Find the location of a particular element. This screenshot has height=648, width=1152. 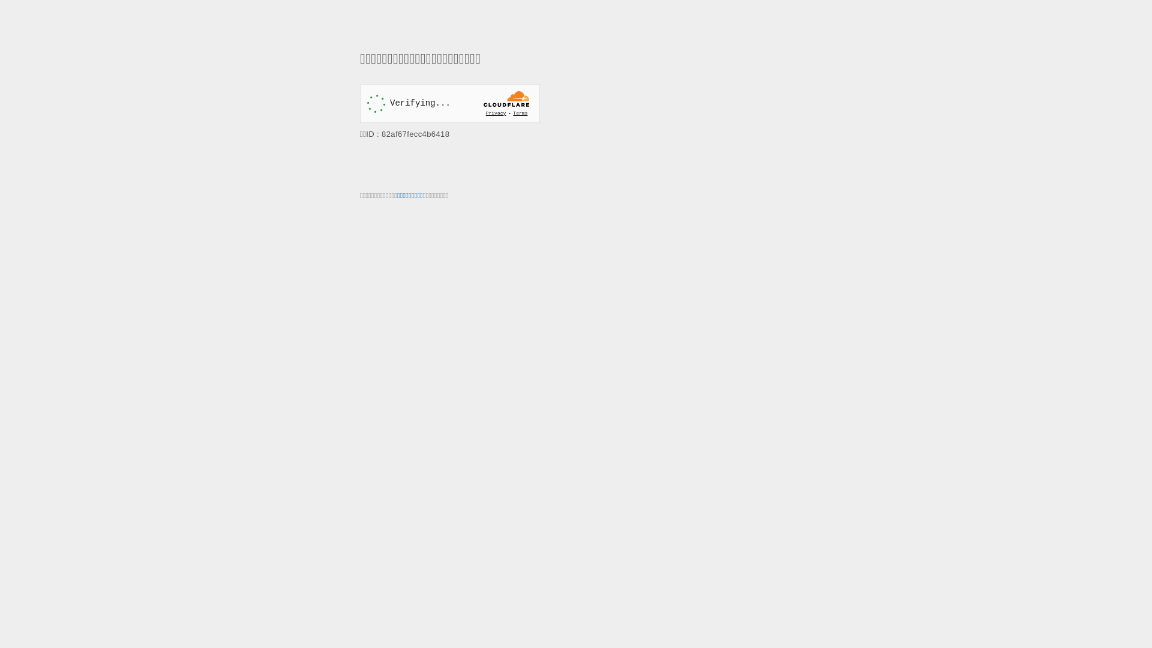

'Widget containing a Cloudflare security challenge' is located at coordinates (449, 103).